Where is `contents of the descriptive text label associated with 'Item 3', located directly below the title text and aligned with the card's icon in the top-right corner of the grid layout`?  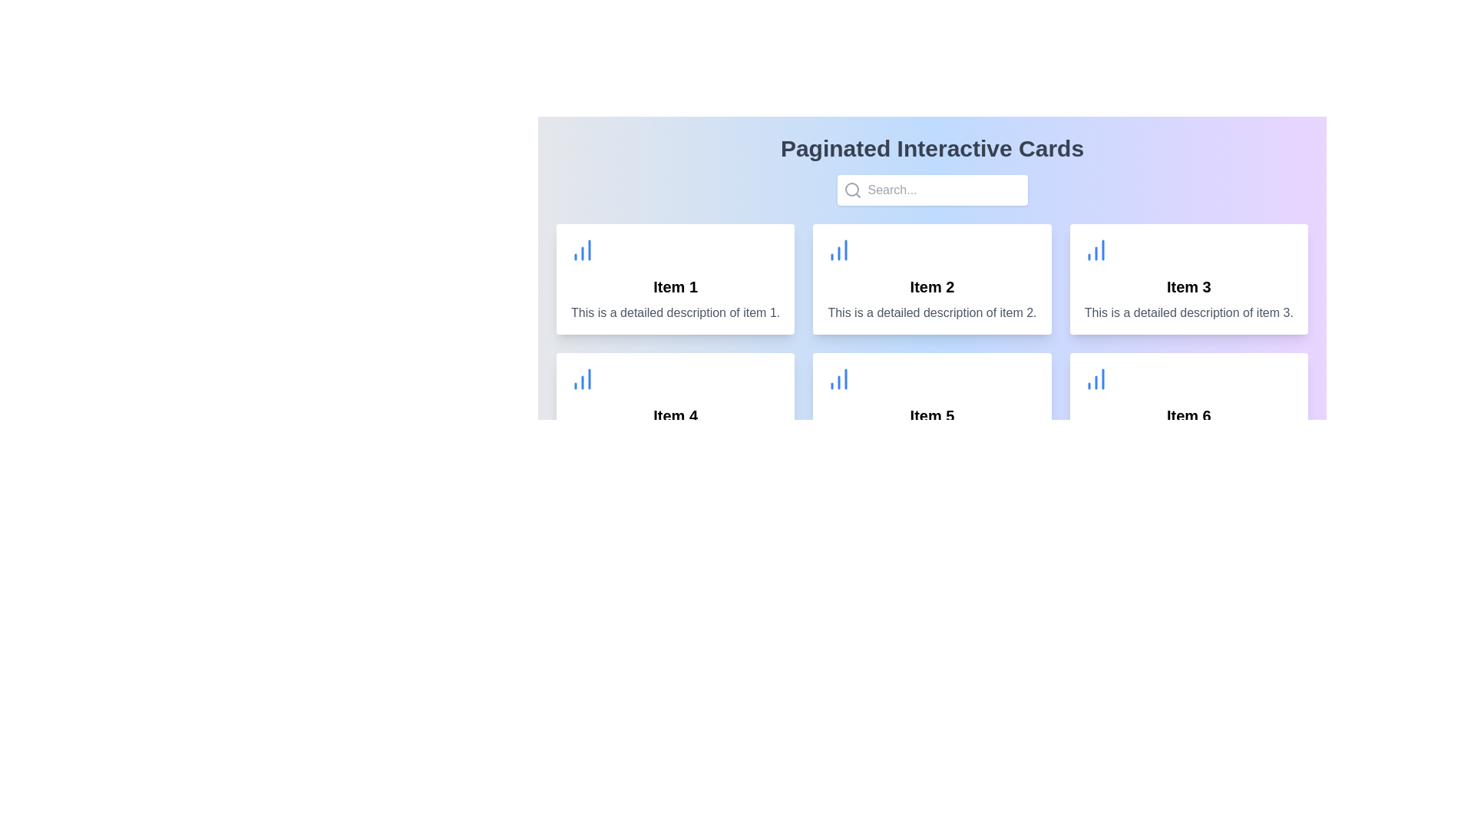
contents of the descriptive text label associated with 'Item 3', located directly below the title text and aligned with the card's icon in the top-right corner of the grid layout is located at coordinates (1188, 312).